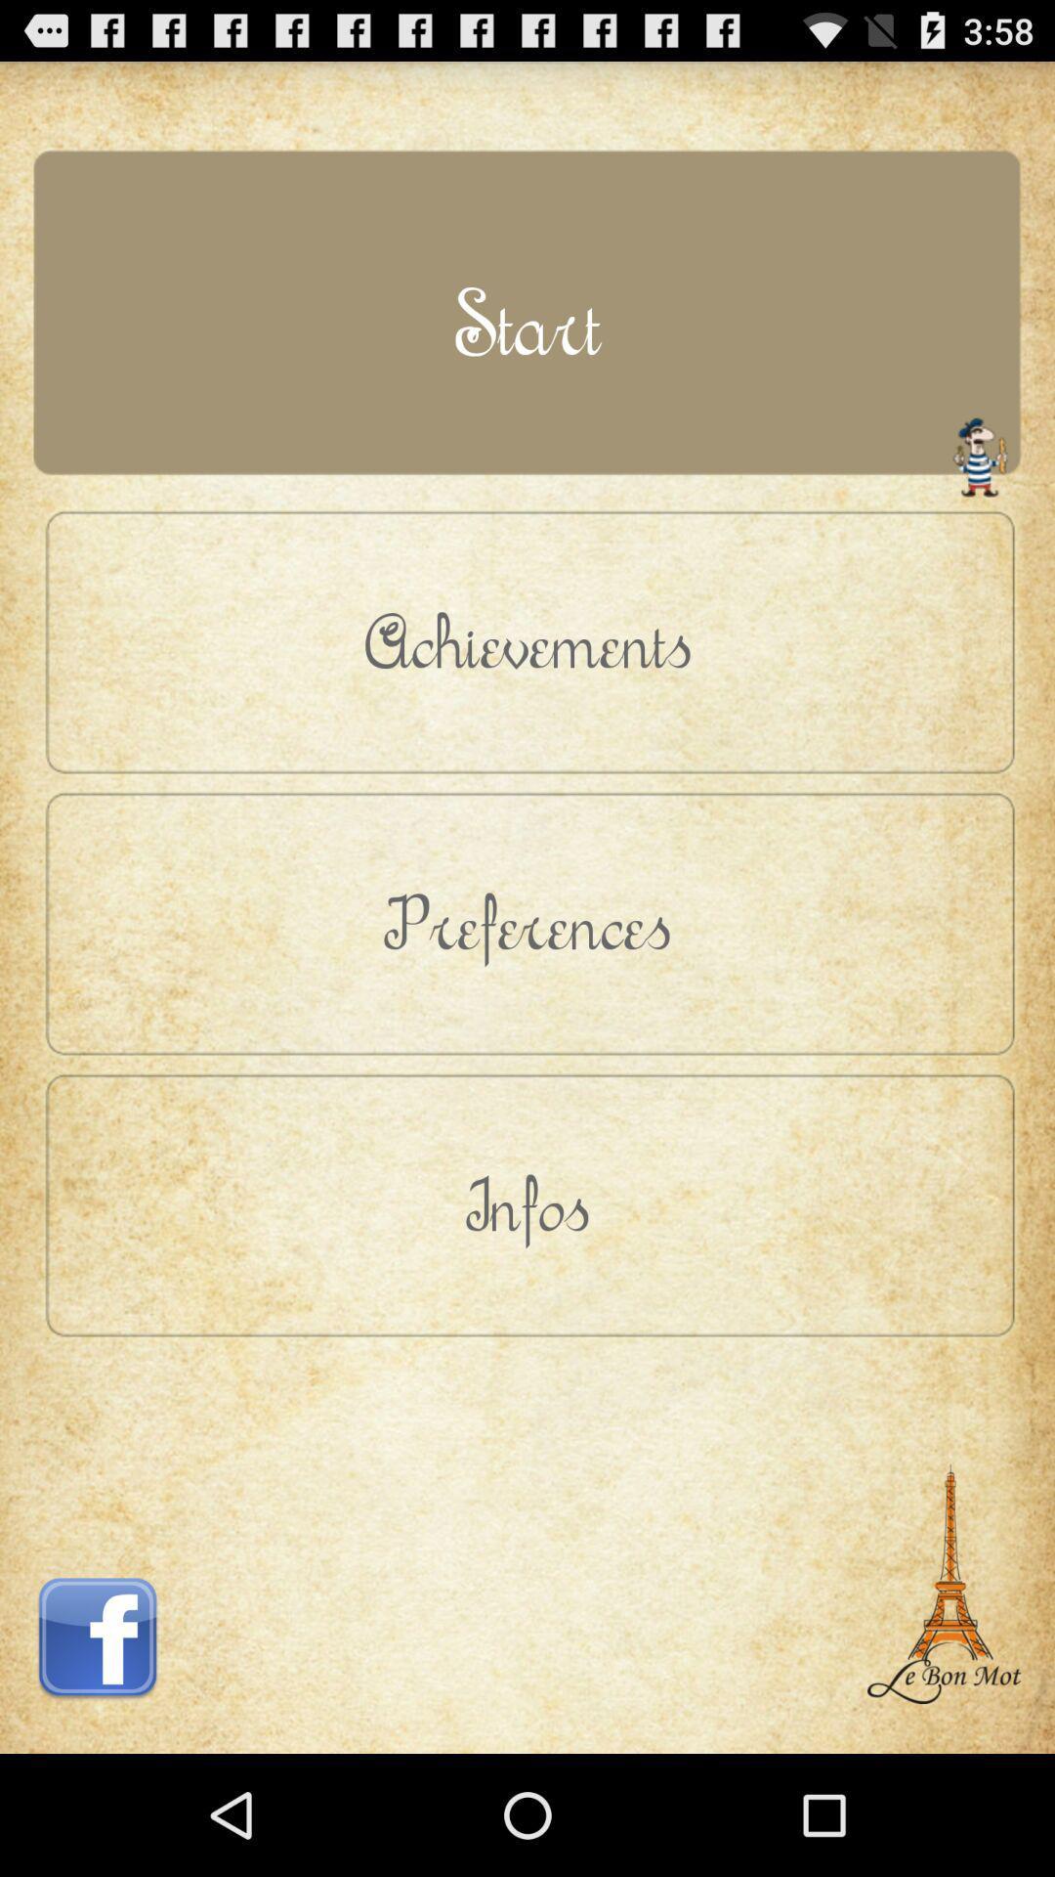 This screenshot has width=1055, height=1877. I want to click on item at the bottom right corner, so click(943, 1541).